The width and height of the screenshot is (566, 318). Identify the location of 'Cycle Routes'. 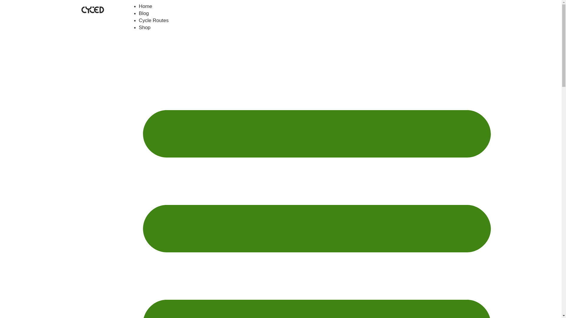
(138, 20).